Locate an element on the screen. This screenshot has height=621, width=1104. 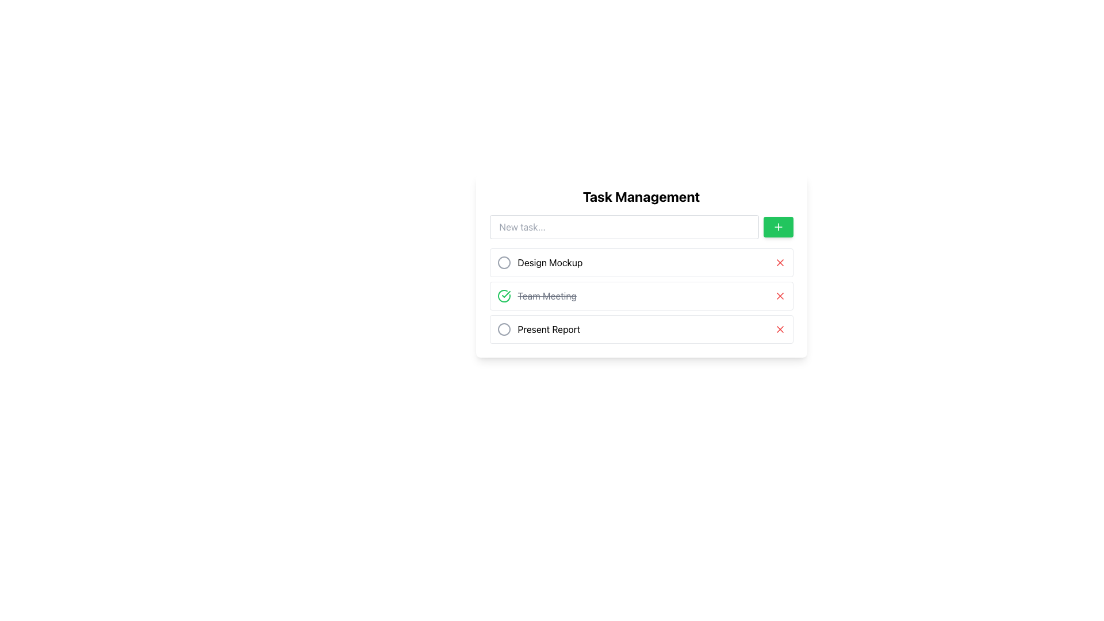
the 'Team Meeting' text label, which has a strikethrough style and is located next to a green circle with a checkmark icon in the Task Management section, to interact with adjacent icons is located at coordinates (546, 296).